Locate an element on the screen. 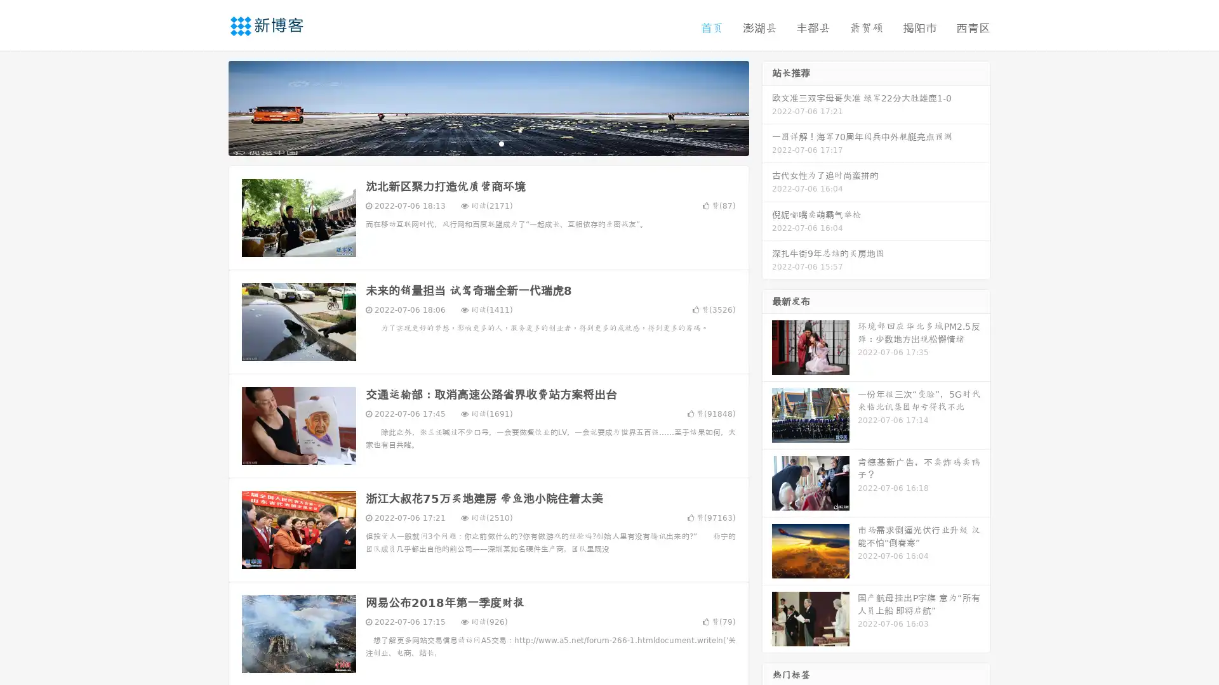 This screenshot has height=685, width=1219. Go to slide 3 is located at coordinates (501, 143).